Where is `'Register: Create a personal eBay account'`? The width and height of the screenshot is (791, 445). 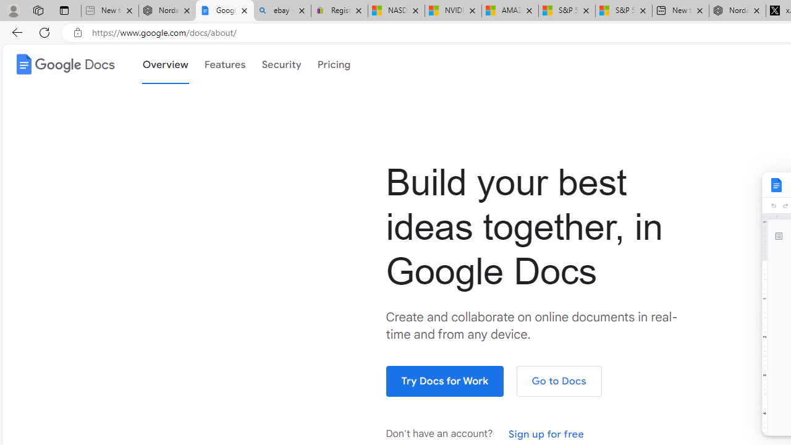 'Register: Create a personal eBay account' is located at coordinates (339, 11).